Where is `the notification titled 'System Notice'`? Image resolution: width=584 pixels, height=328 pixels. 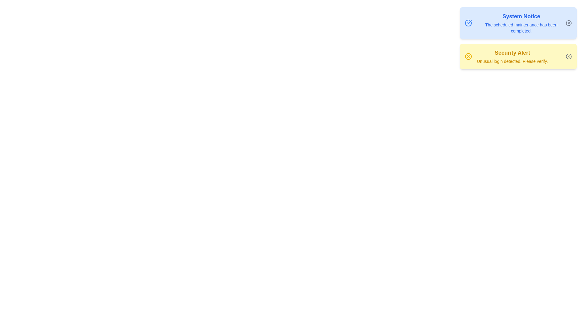
the notification titled 'System Notice' is located at coordinates (518, 23).